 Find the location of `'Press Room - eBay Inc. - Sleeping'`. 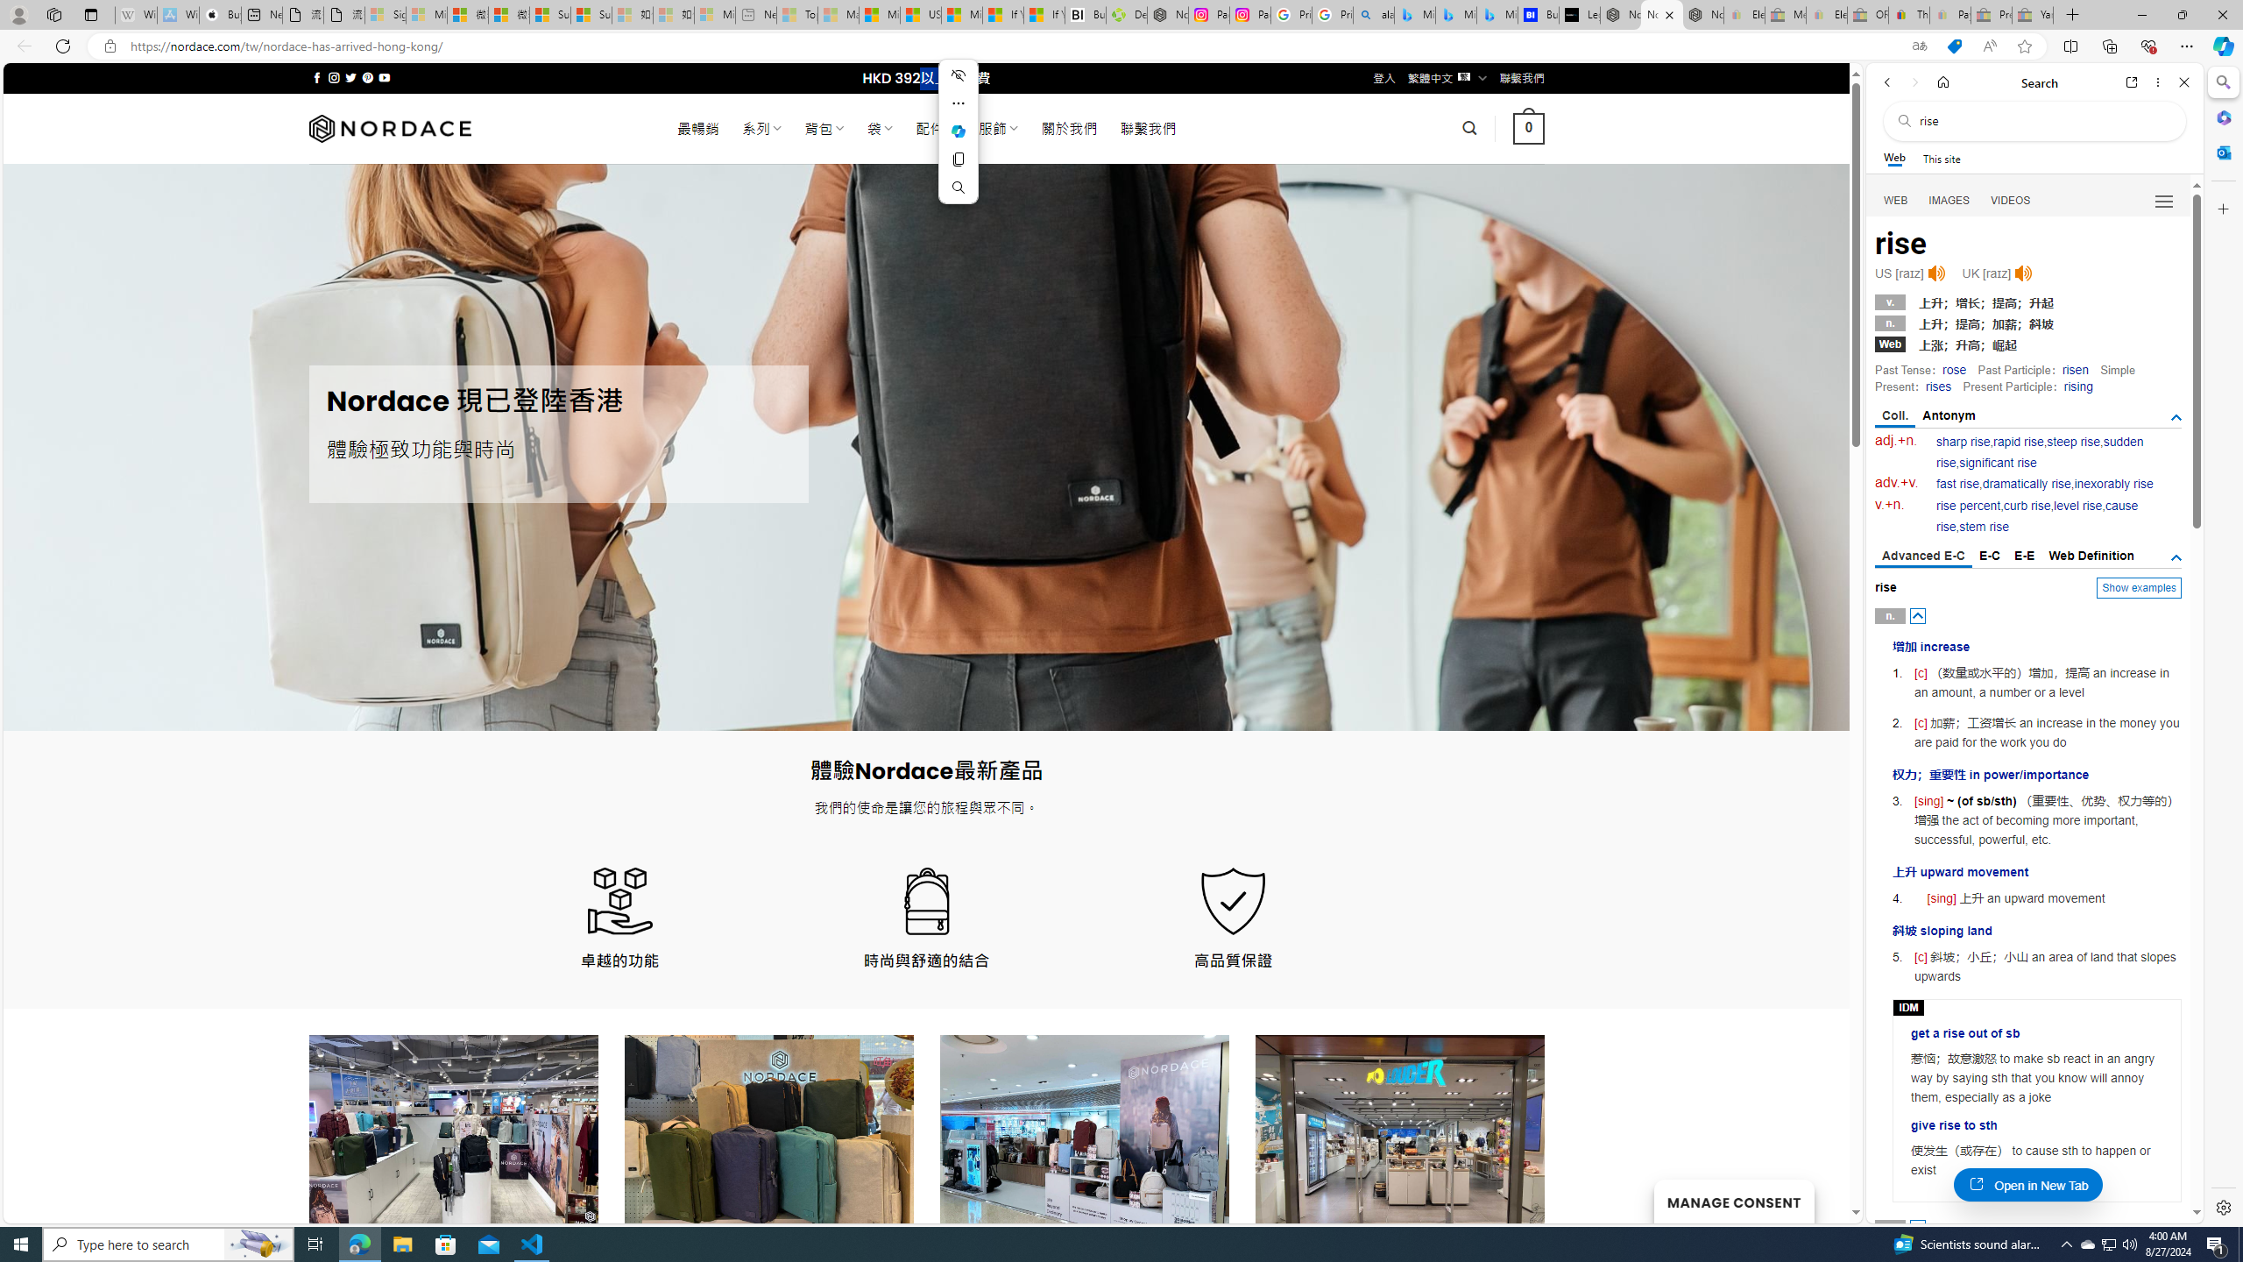

'Press Room - eBay Inc. - Sleeping' is located at coordinates (1990, 14).